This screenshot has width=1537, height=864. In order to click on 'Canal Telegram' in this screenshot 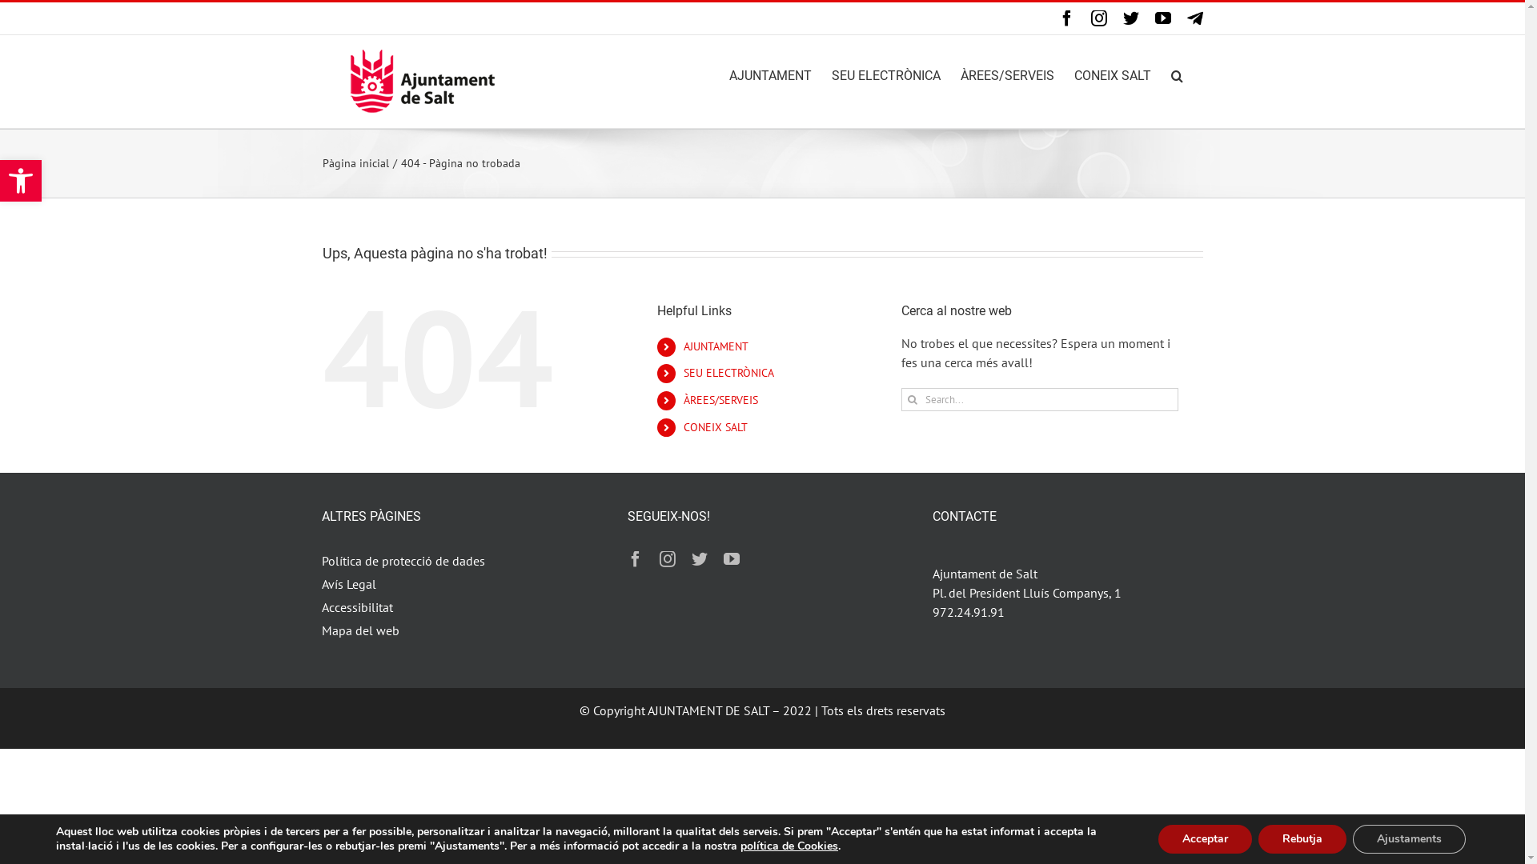, I will do `click(1194, 18)`.